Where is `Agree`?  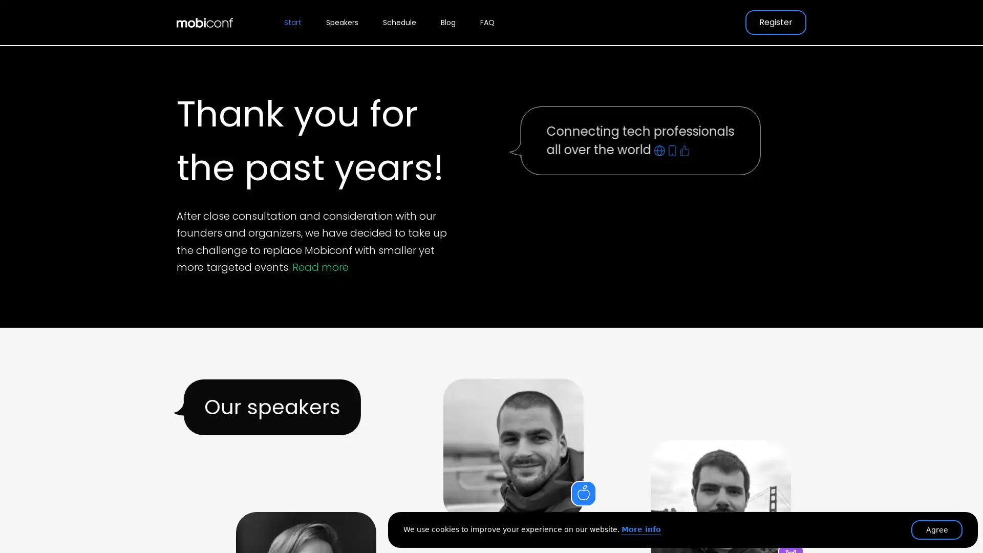 Agree is located at coordinates (936, 529).